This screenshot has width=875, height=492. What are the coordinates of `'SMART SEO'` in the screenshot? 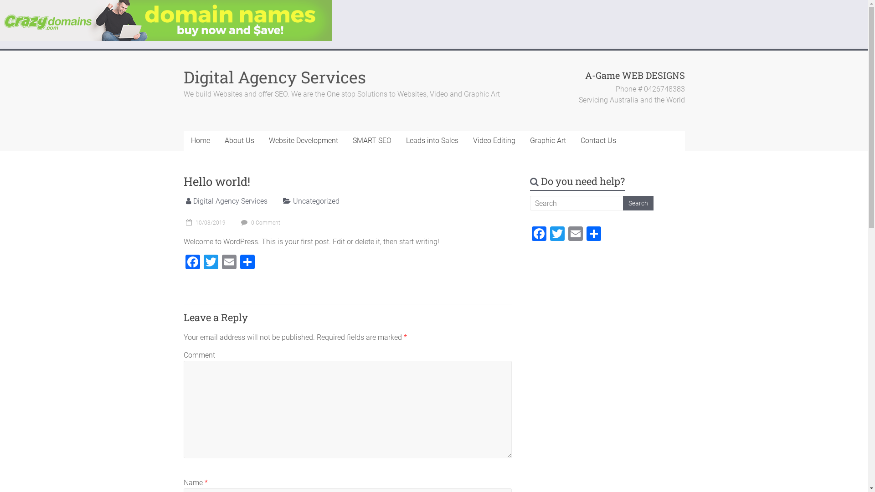 It's located at (345, 140).